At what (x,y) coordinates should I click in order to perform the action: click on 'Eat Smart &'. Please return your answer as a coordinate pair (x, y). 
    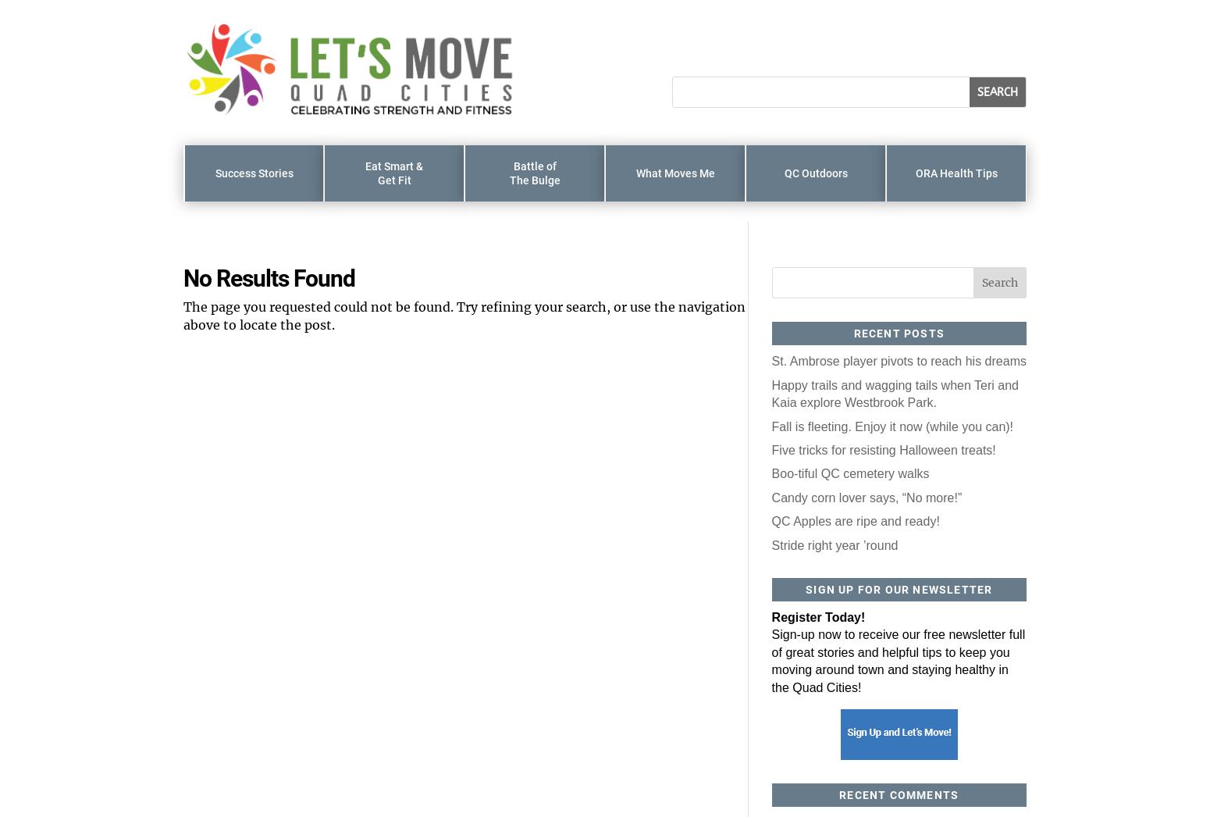
    Looking at the image, I should click on (364, 165).